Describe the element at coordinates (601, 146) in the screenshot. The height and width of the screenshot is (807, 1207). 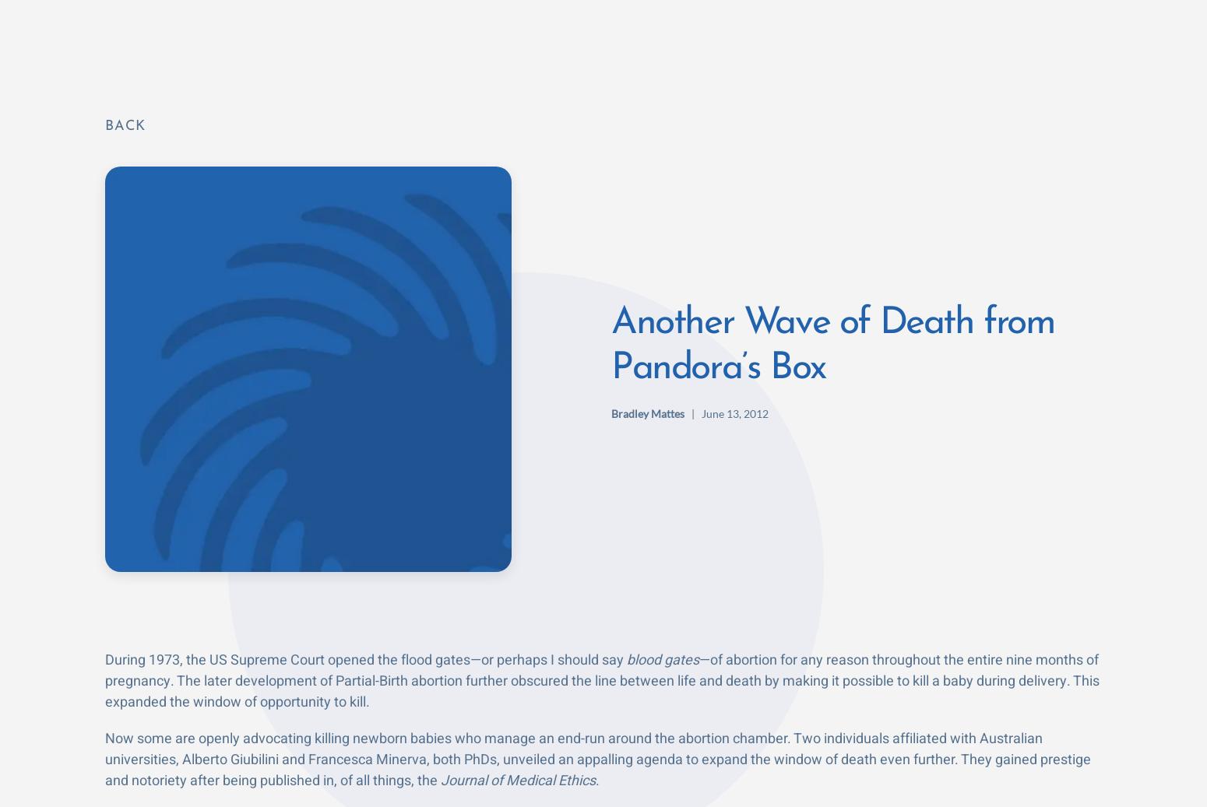
I see `'At the core of their reasoning is the tragically warped notion that newborns aren’t “actual people.” They’re “merely potential persons” because they aren’t cognitively aware of what they’d be missing had they been allowed to live. The authors wrote, “Merely being human is not in itself a reason for ascribing someone a right to life.” Chilling isn’t it? But in fairness to them, they cite prime examples already accepted by society: embryonic stem cell research and abortion. We could also add physician-assisted suicide. Of course this doesn’t justify the killing, but it bolsters their case with the PhD crowd.'` at that location.